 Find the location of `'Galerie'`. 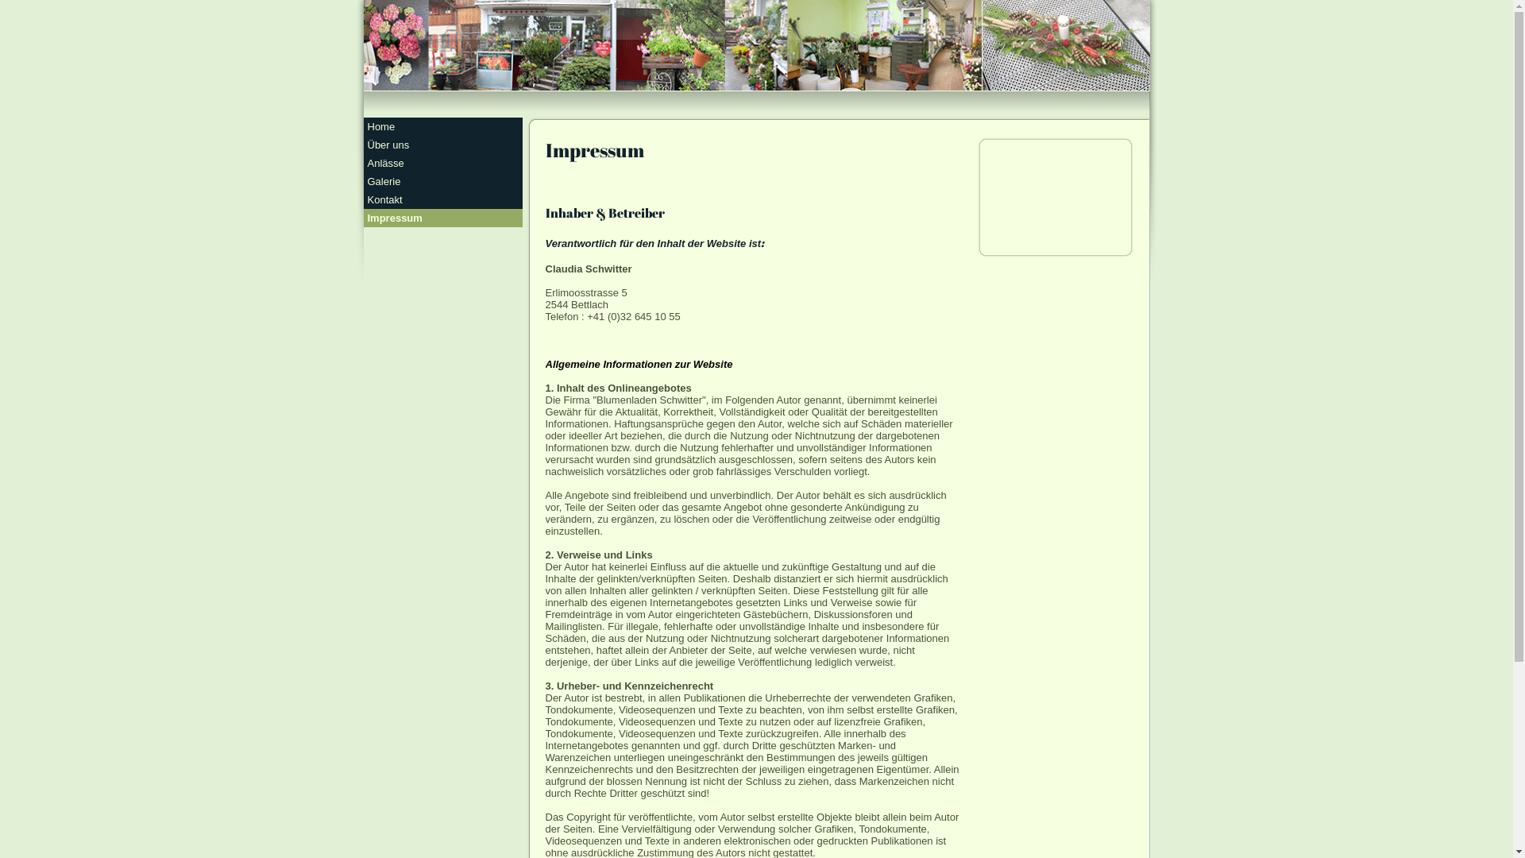

'Galerie' is located at coordinates (442, 180).